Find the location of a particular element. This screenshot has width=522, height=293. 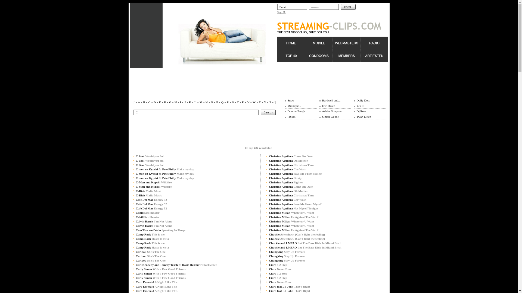

'C mon en Kypski ft. Pete Philly Make my day' is located at coordinates (136, 169).